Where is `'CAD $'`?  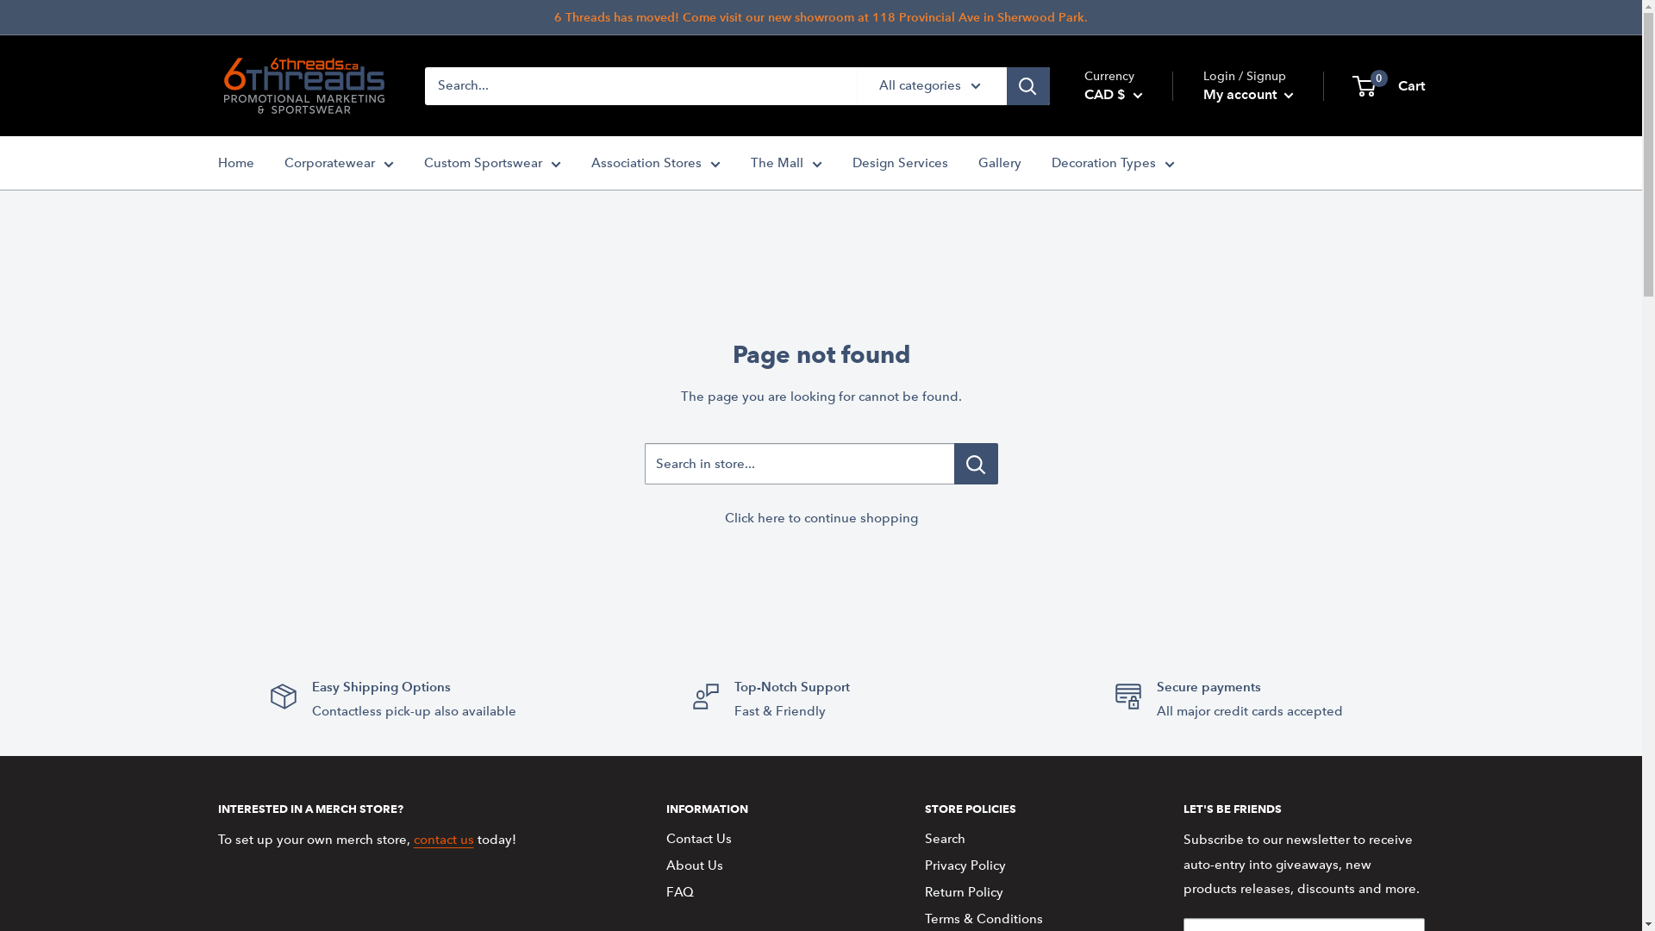
'CAD $' is located at coordinates (1113, 95).